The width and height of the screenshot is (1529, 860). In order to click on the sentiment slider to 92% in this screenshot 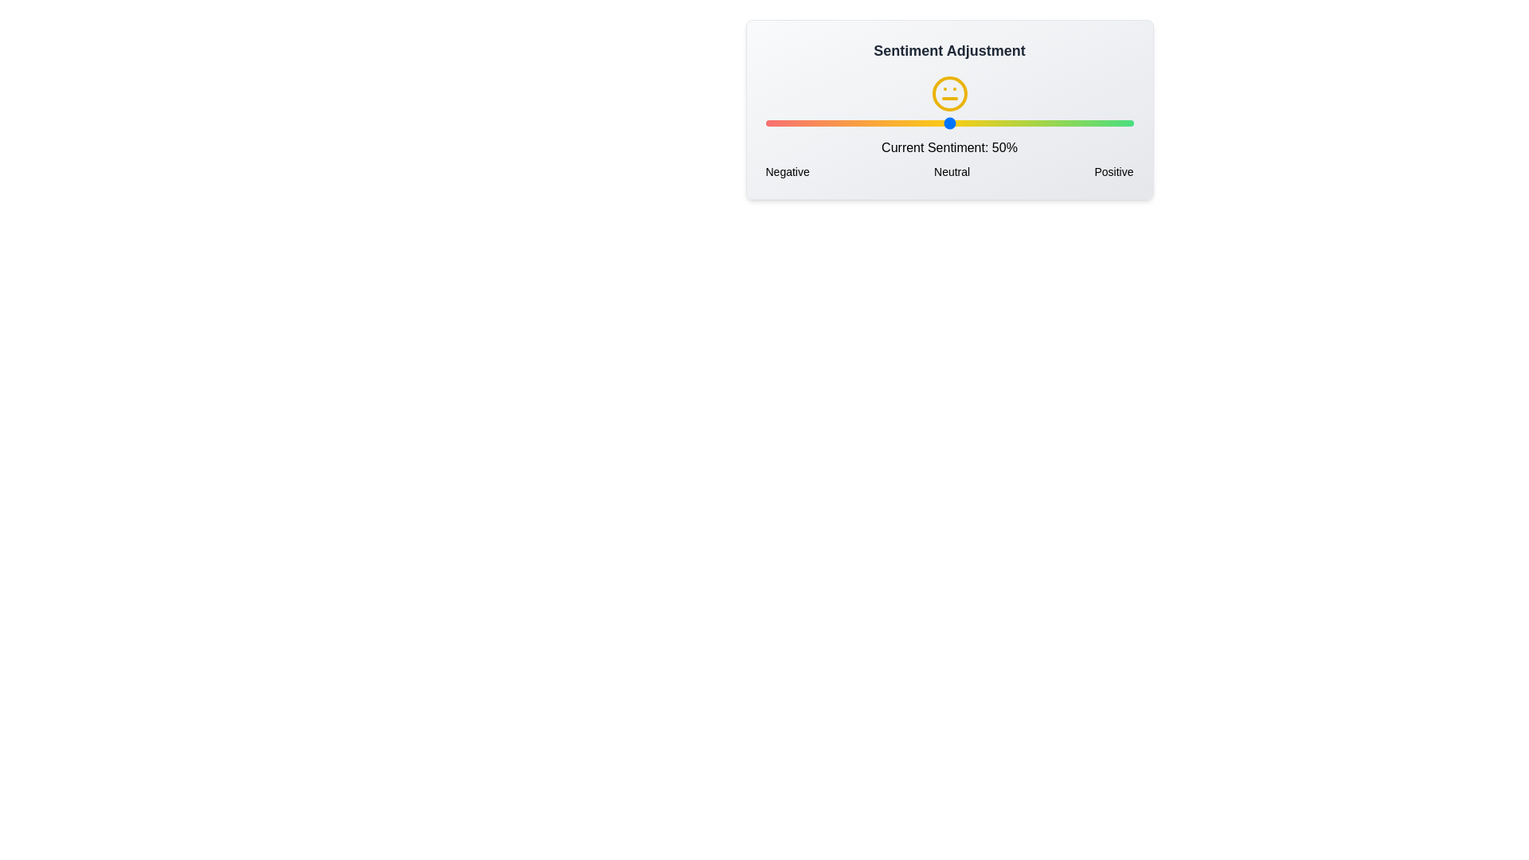, I will do `click(1103, 122)`.